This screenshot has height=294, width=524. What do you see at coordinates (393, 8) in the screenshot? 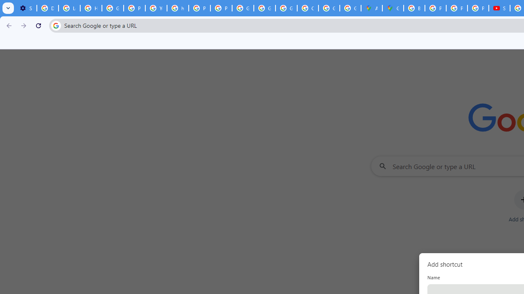
I see `'Google Maps'` at bounding box center [393, 8].